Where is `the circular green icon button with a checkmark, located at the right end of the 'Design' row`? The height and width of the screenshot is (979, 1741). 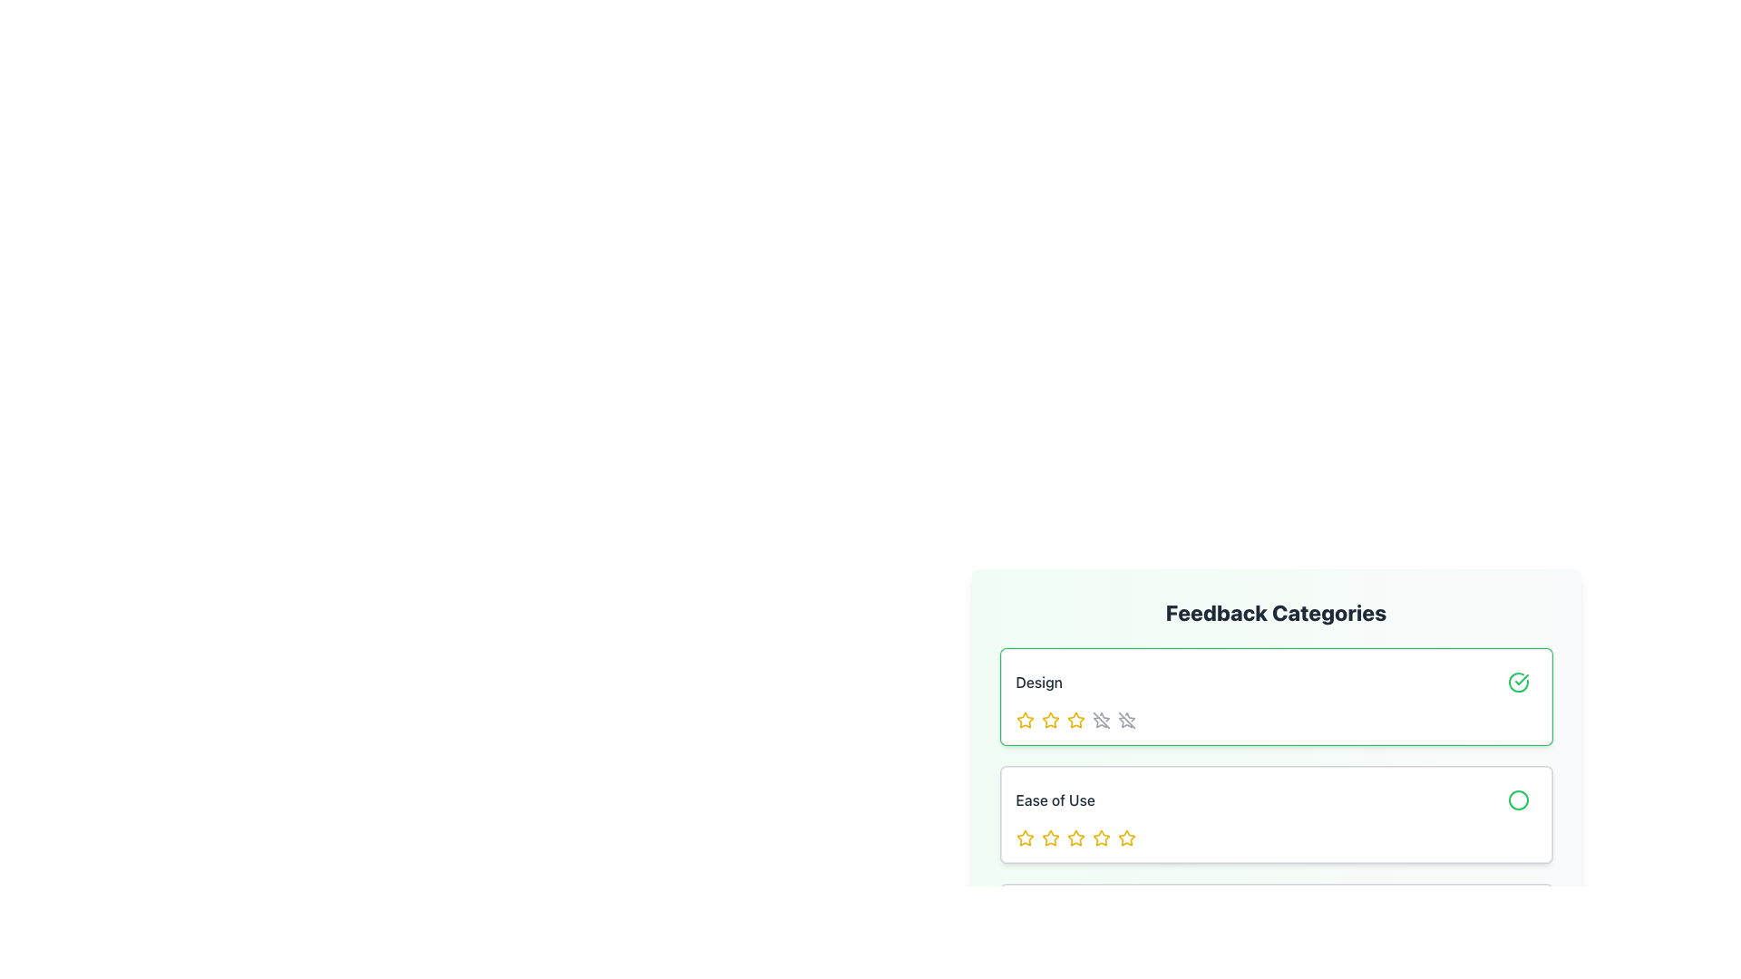 the circular green icon button with a checkmark, located at the right end of the 'Design' row is located at coordinates (1518, 682).